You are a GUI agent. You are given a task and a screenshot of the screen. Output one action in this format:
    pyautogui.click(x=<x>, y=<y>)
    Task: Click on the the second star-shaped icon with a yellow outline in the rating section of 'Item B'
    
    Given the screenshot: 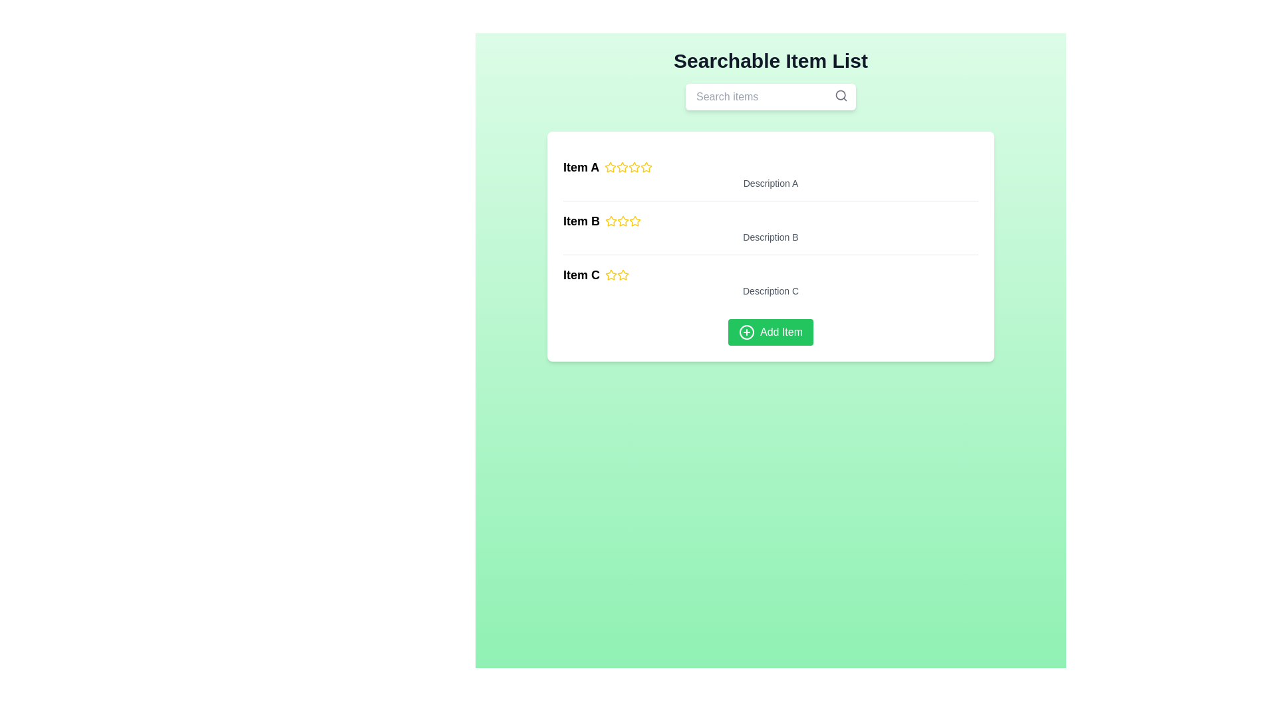 What is the action you would take?
    pyautogui.click(x=622, y=220)
    